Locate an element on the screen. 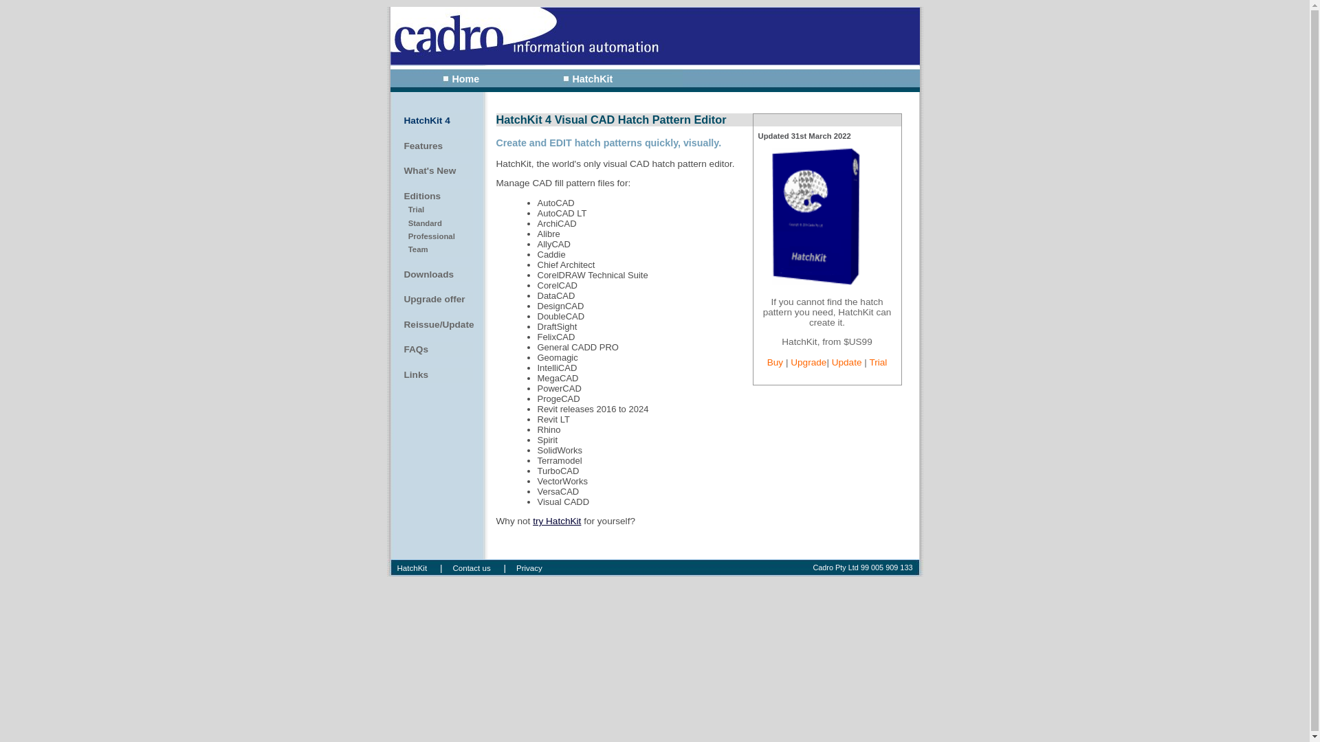 The image size is (1320, 742). 'Editions' is located at coordinates (396, 196).